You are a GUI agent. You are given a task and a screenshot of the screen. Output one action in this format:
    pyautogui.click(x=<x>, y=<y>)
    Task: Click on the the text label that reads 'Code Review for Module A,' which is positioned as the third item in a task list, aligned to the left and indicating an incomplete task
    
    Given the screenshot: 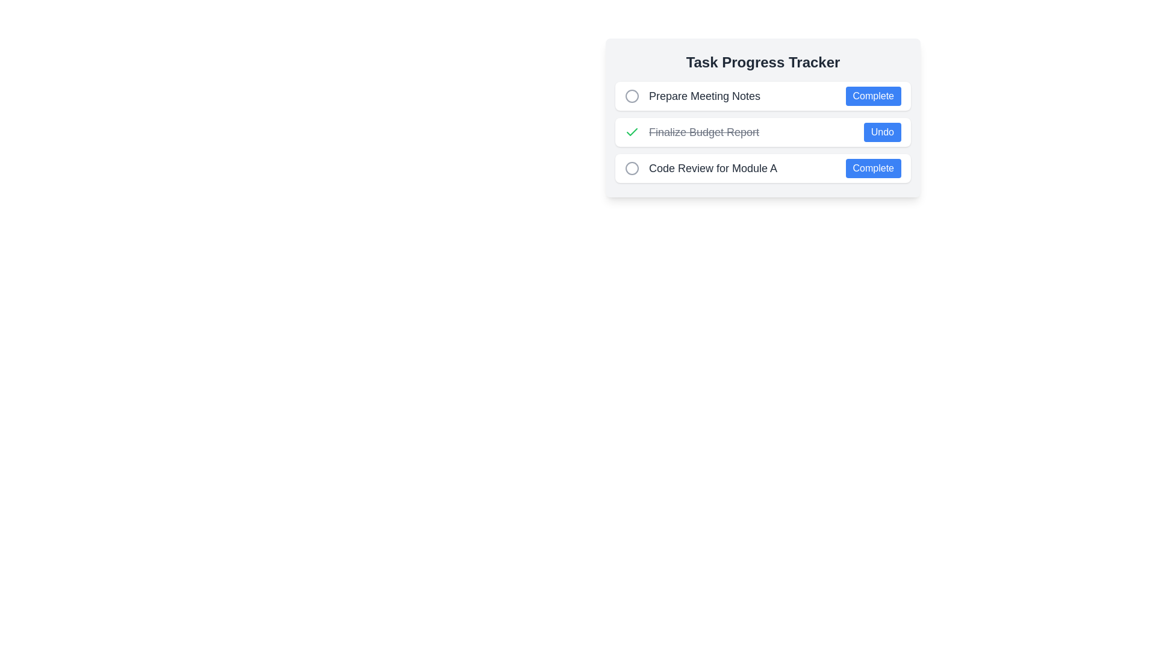 What is the action you would take?
    pyautogui.click(x=701, y=169)
    